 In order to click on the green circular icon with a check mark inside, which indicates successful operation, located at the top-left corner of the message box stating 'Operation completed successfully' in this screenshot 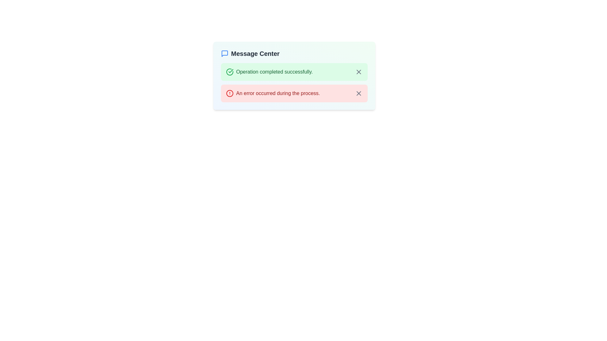, I will do `click(229, 71)`.